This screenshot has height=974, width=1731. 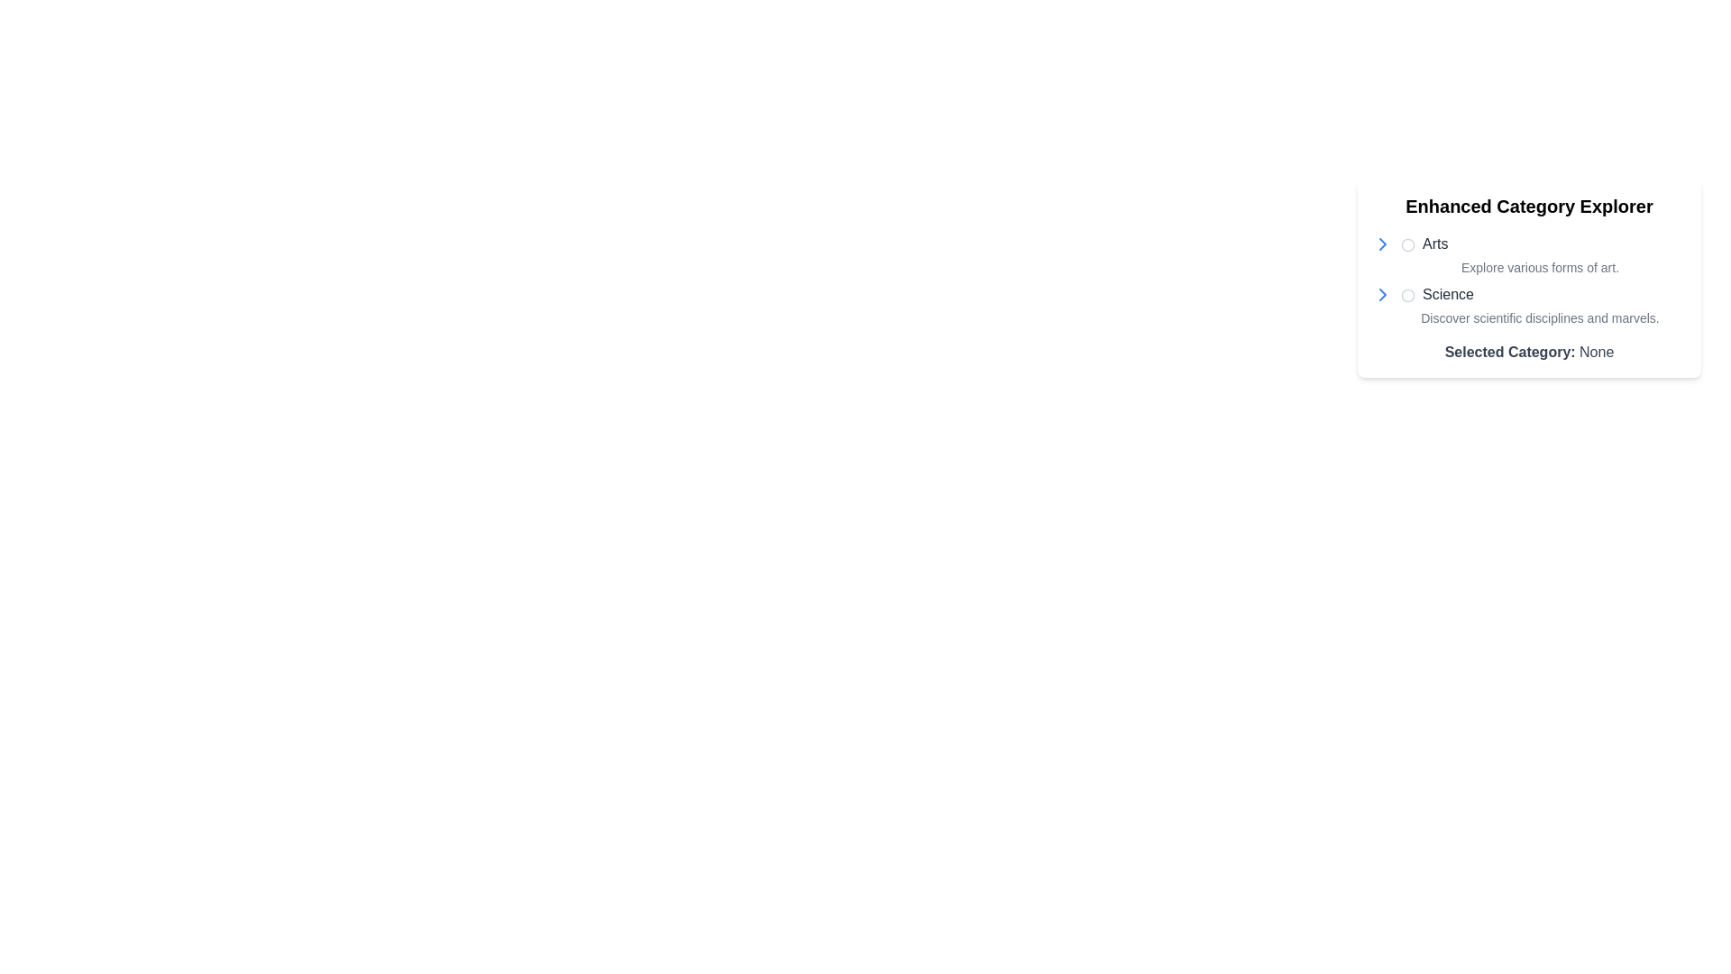 What do you see at coordinates (1436, 294) in the screenshot?
I see `the 'Science' text label, which is styled in gray and positioned next` at bounding box center [1436, 294].